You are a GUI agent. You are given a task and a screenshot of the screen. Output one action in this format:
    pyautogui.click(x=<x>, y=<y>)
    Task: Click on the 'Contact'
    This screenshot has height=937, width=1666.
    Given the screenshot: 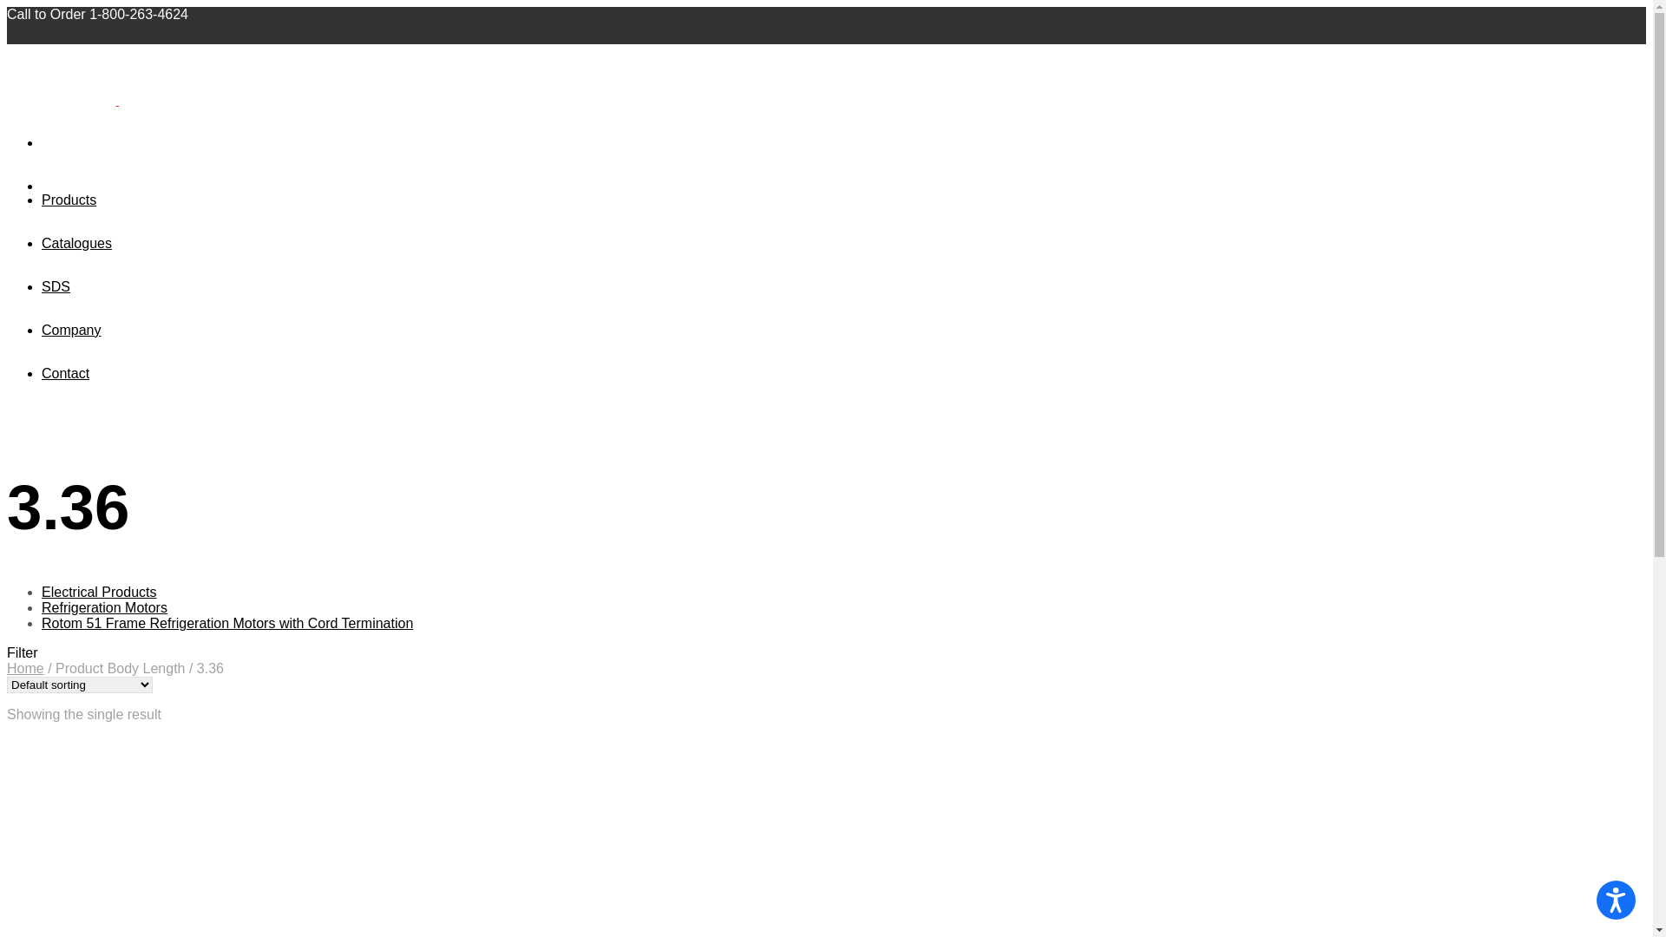 What is the action you would take?
    pyautogui.click(x=42, y=372)
    